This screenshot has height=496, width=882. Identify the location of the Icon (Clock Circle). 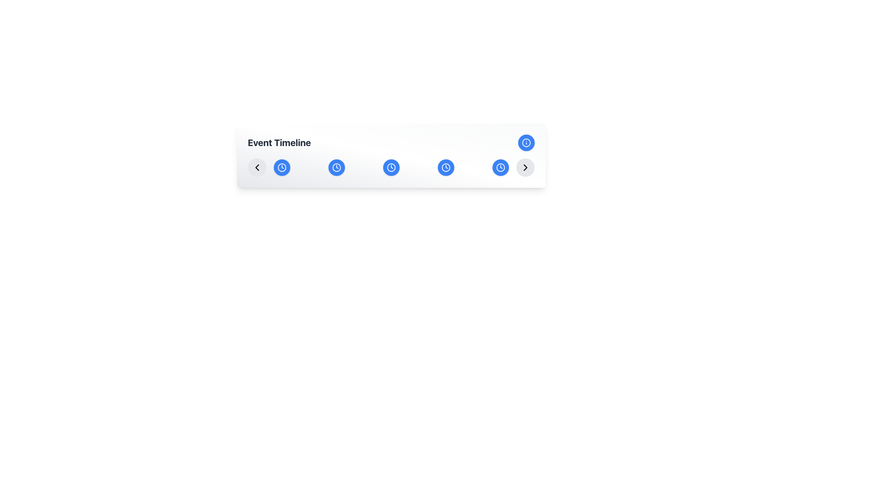
(500, 168).